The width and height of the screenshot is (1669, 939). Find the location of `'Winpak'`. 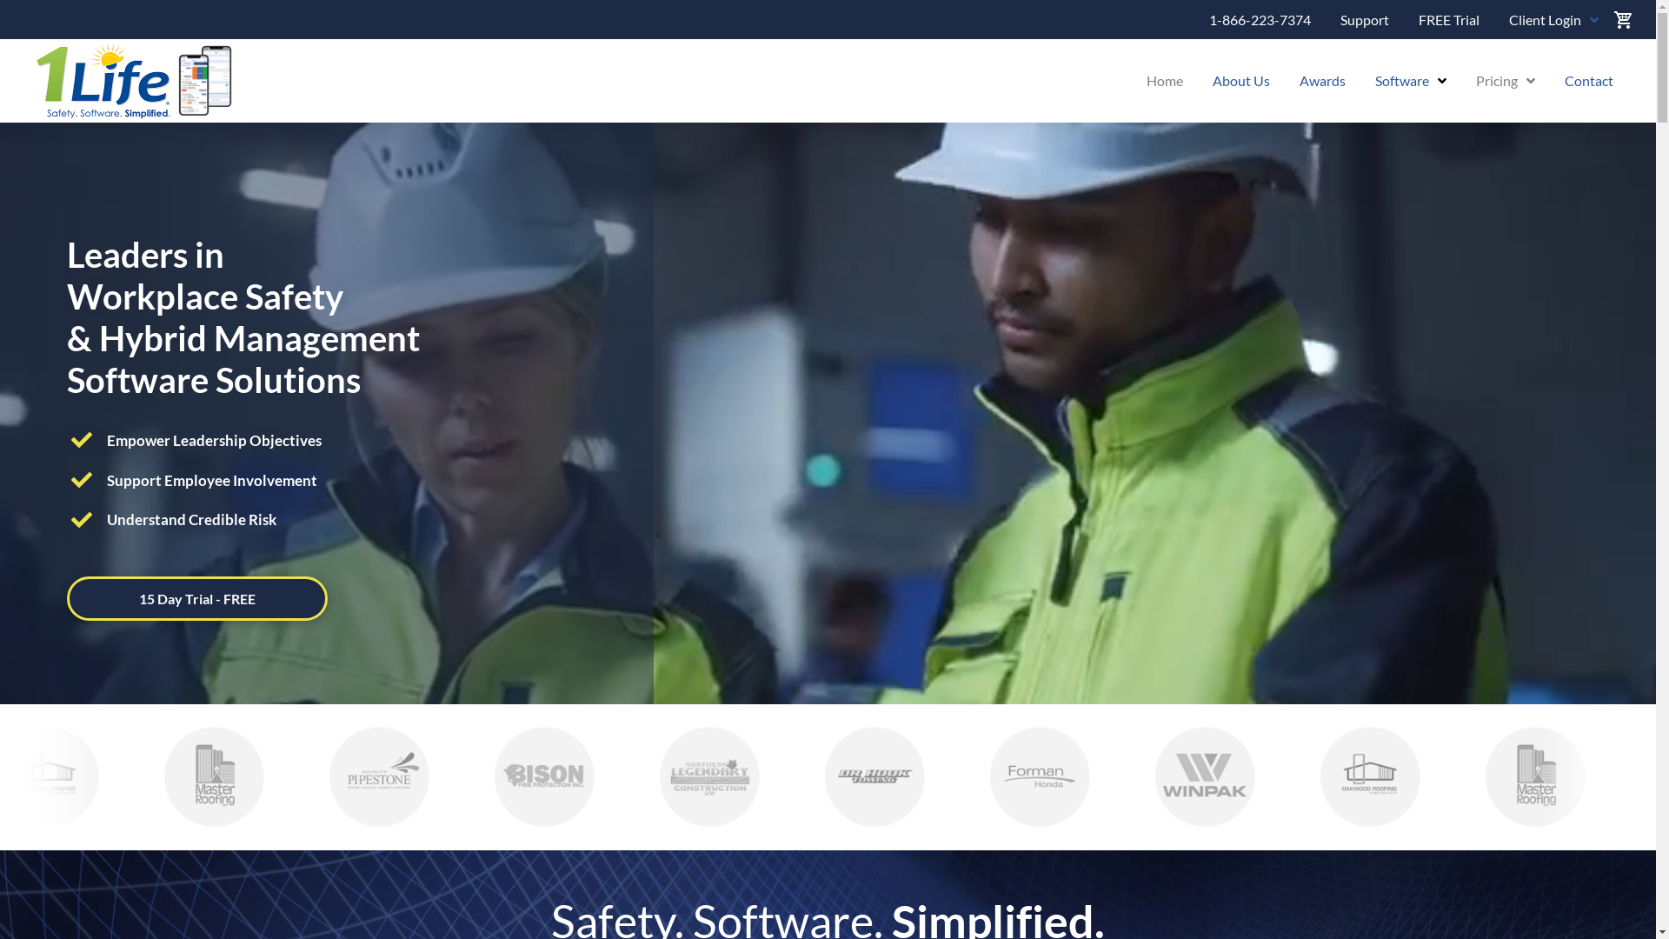

'Winpak' is located at coordinates (1175, 776).